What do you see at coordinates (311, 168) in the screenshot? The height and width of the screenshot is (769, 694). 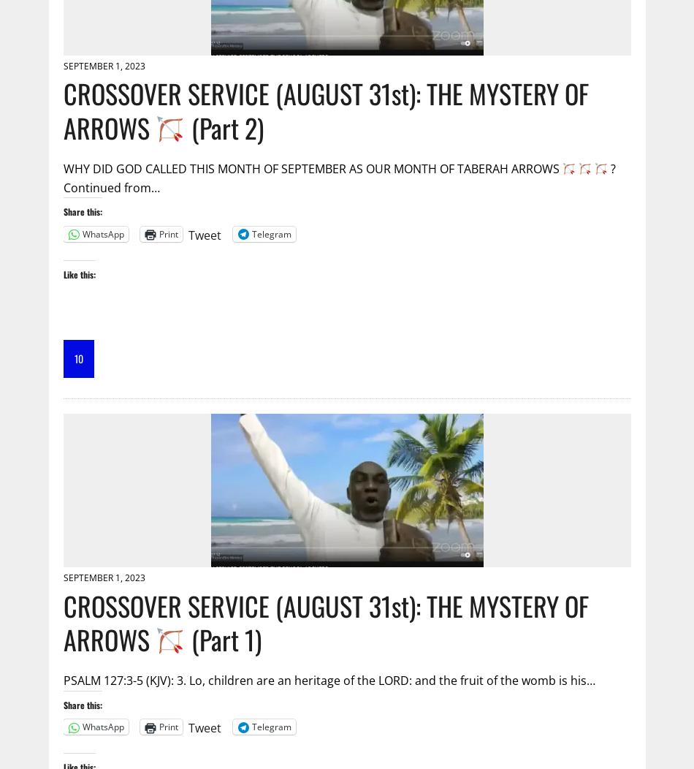 I see `'WHY DID GOD CALLED THIS MONTH OF SEPTEMBER AS OUR MONTH OF TABERAH ARROWS'` at bounding box center [311, 168].